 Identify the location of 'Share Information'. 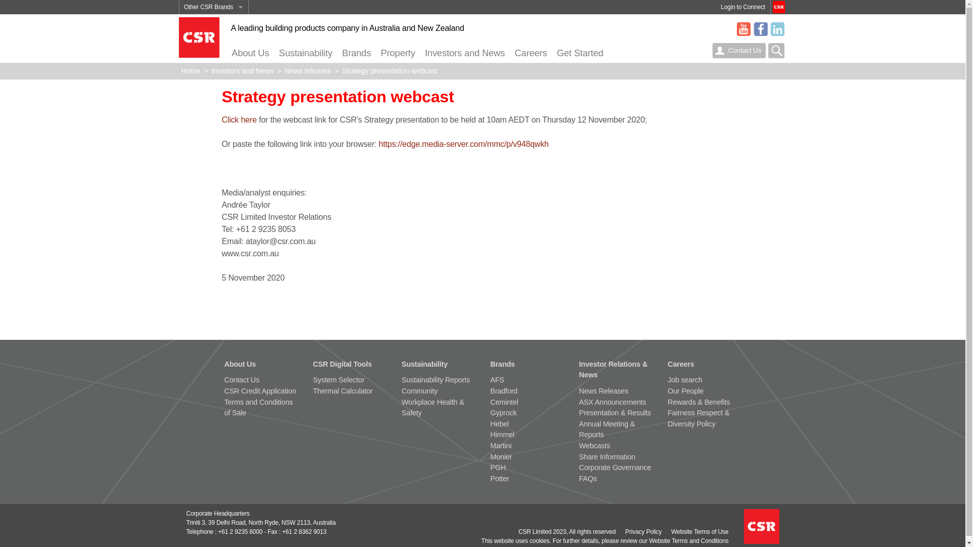
(607, 457).